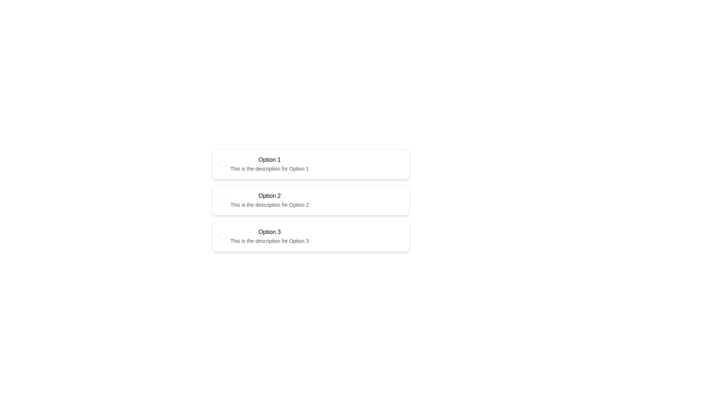  Describe the element at coordinates (311, 200) in the screenshot. I see `the second option in the vertically stacked Radio option group` at that location.